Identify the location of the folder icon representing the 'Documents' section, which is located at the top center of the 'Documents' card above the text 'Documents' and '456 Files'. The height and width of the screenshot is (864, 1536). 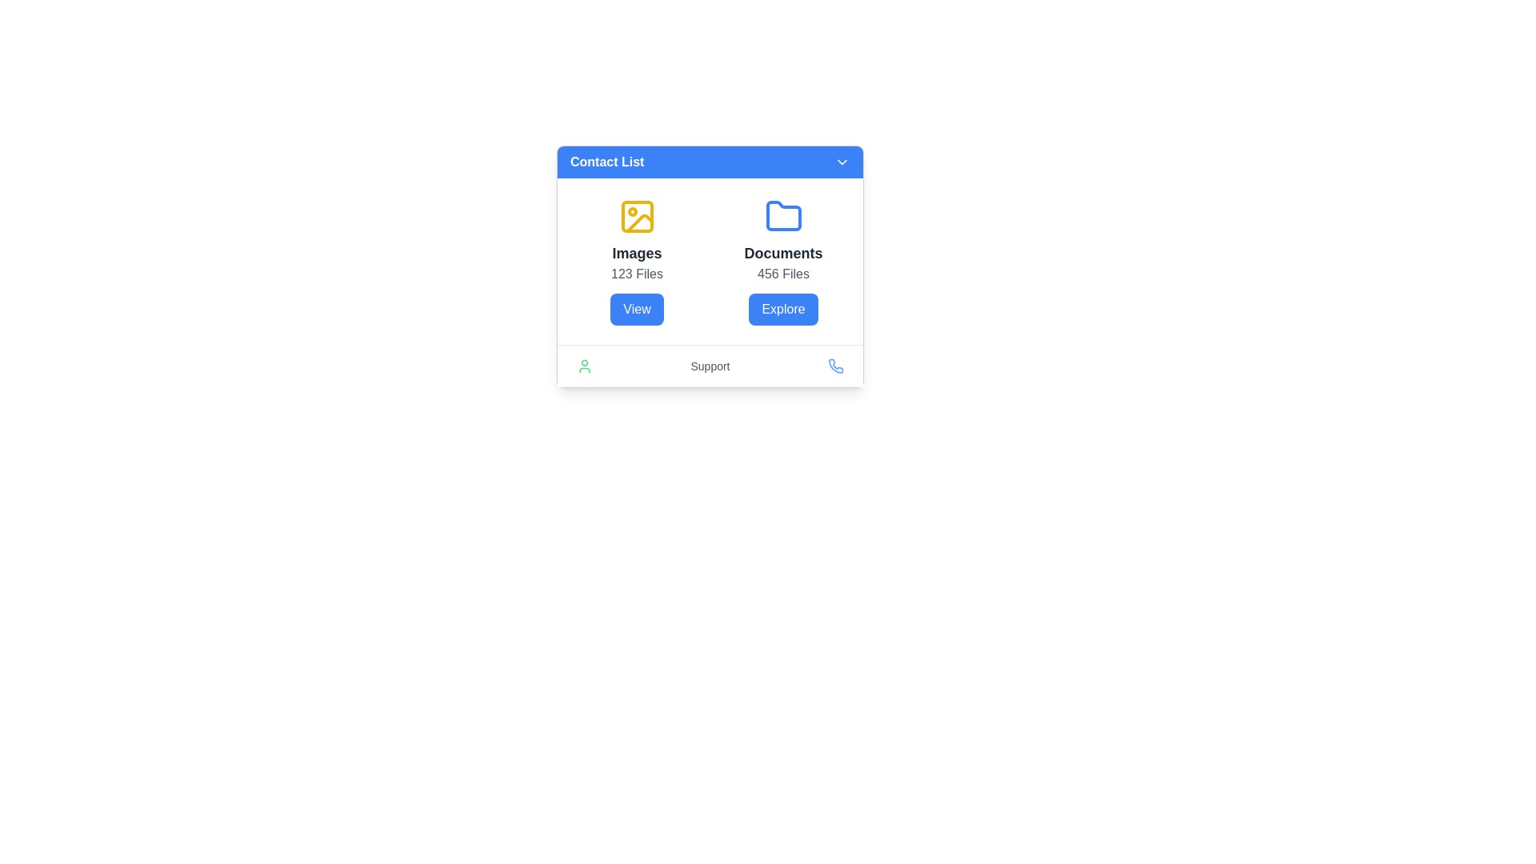
(783, 216).